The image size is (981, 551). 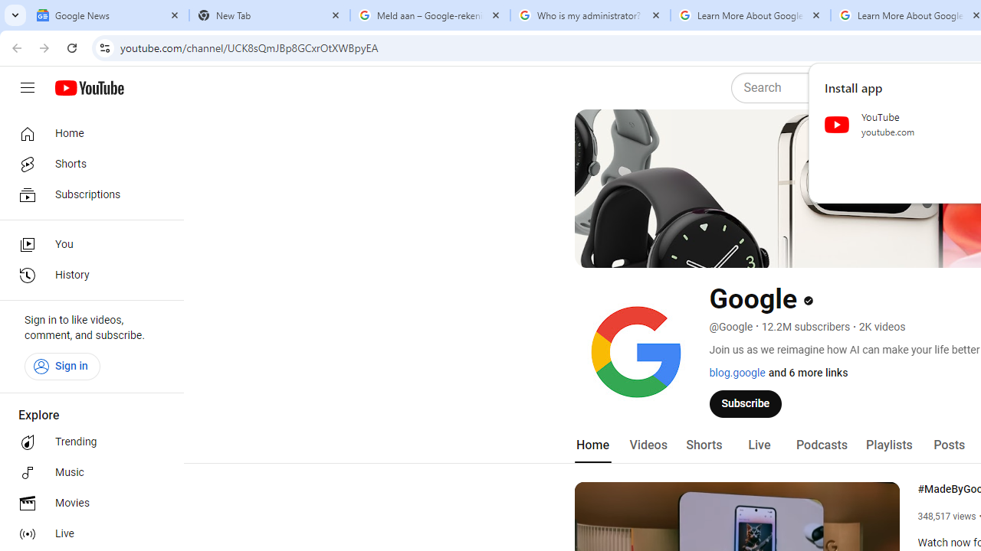 I want to click on 'Trending', so click(x=86, y=442).